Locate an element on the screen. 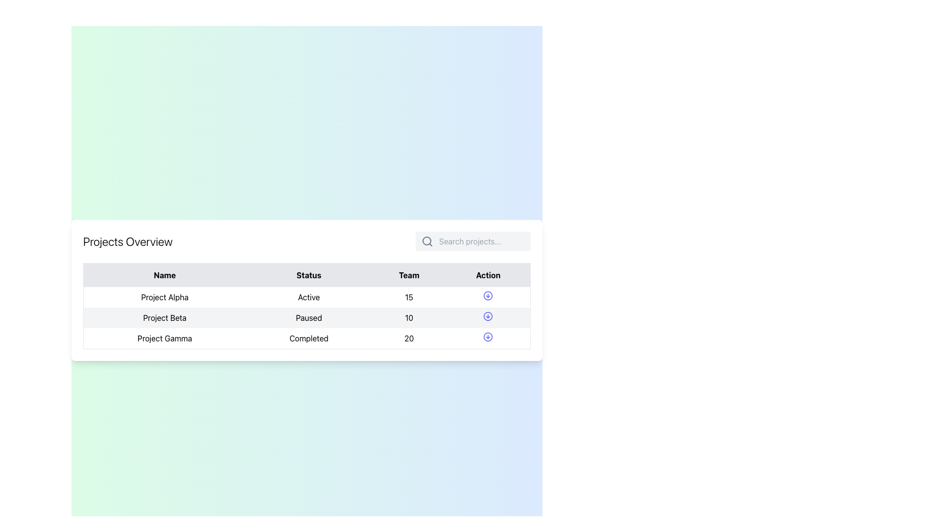  the circular blue icon with a downward arrow located in the last row of the 'Action' column under 'Project Gamma' is located at coordinates (488, 336).